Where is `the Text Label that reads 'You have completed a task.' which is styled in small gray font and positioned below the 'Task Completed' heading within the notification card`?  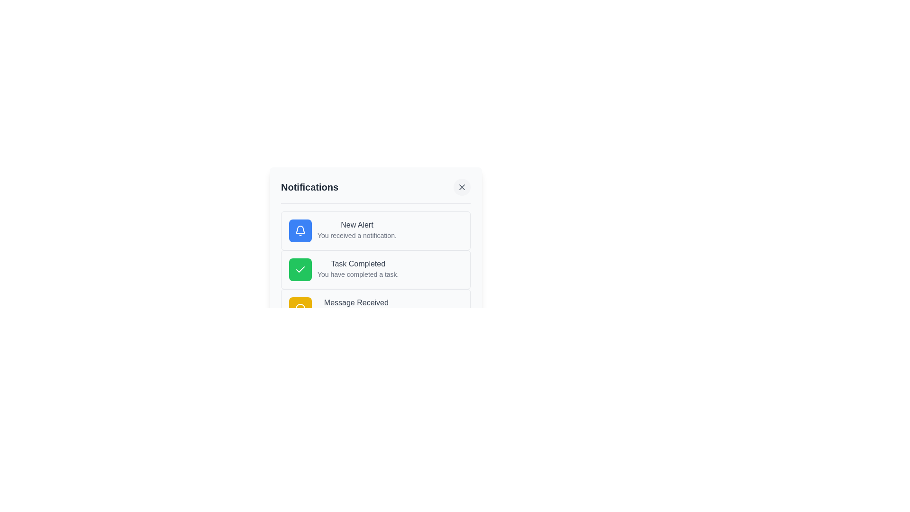 the Text Label that reads 'You have completed a task.' which is styled in small gray font and positioned below the 'Task Completed' heading within the notification card is located at coordinates (357, 274).